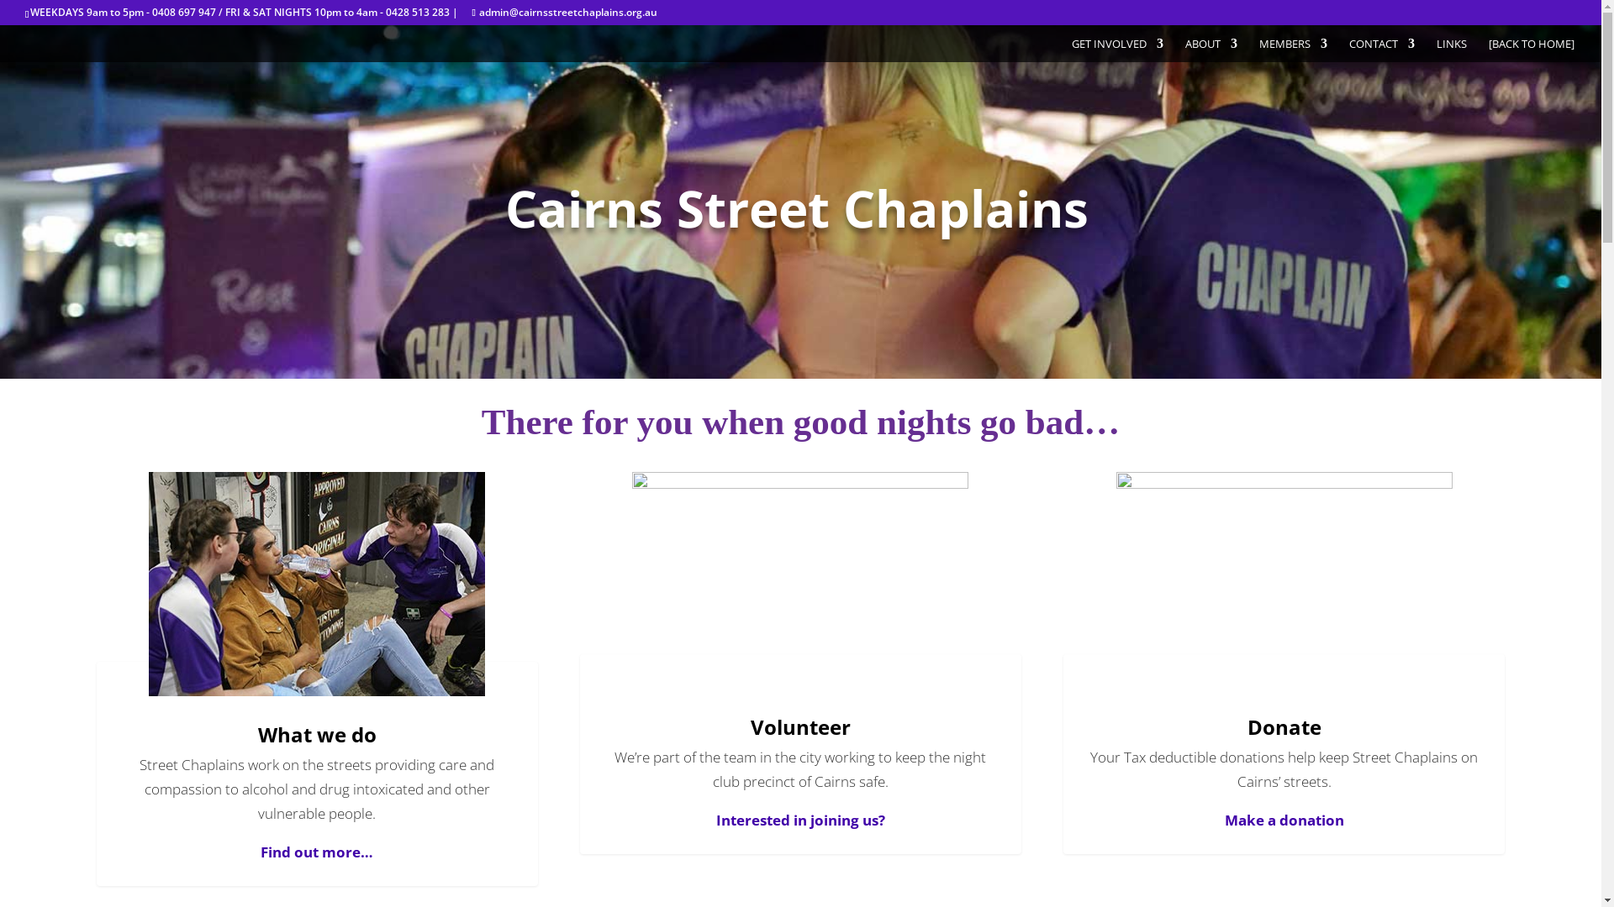  What do you see at coordinates (1292, 49) in the screenshot?
I see `'MEMBERS'` at bounding box center [1292, 49].